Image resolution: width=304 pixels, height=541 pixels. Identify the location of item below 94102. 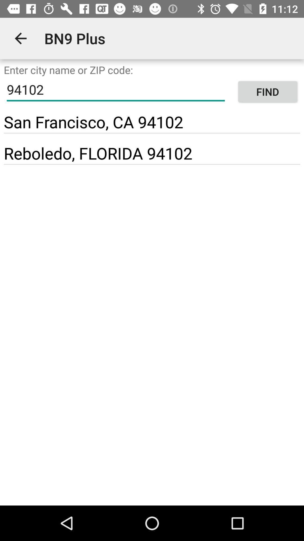
(93, 121).